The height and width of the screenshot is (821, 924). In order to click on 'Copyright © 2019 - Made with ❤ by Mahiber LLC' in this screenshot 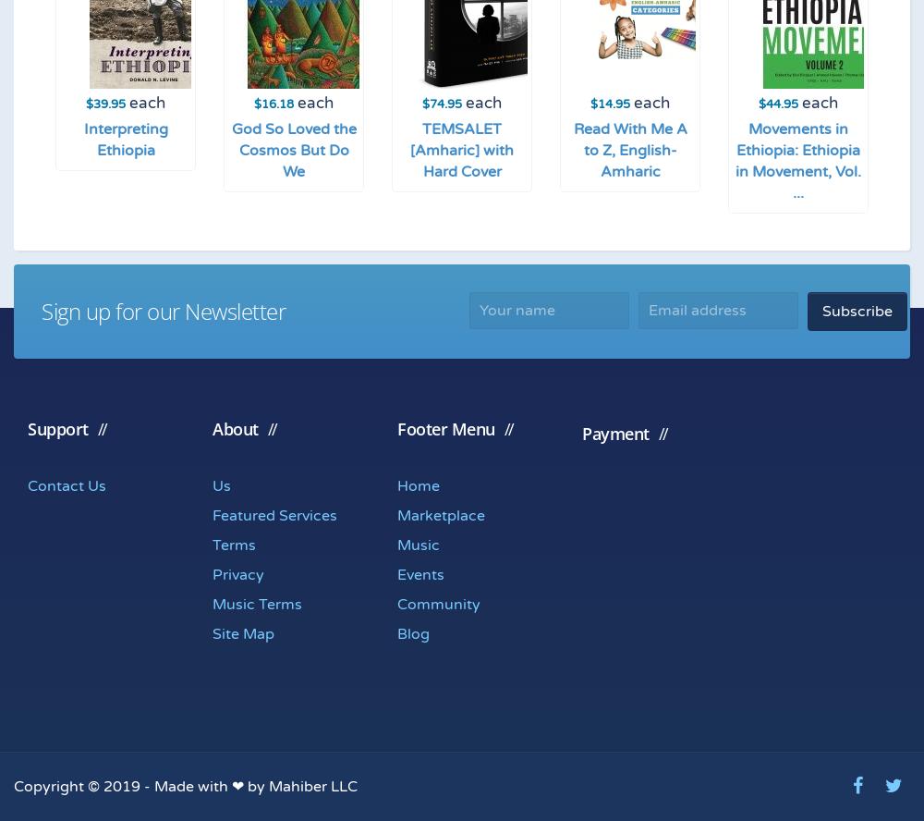, I will do `click(185, 784)`.